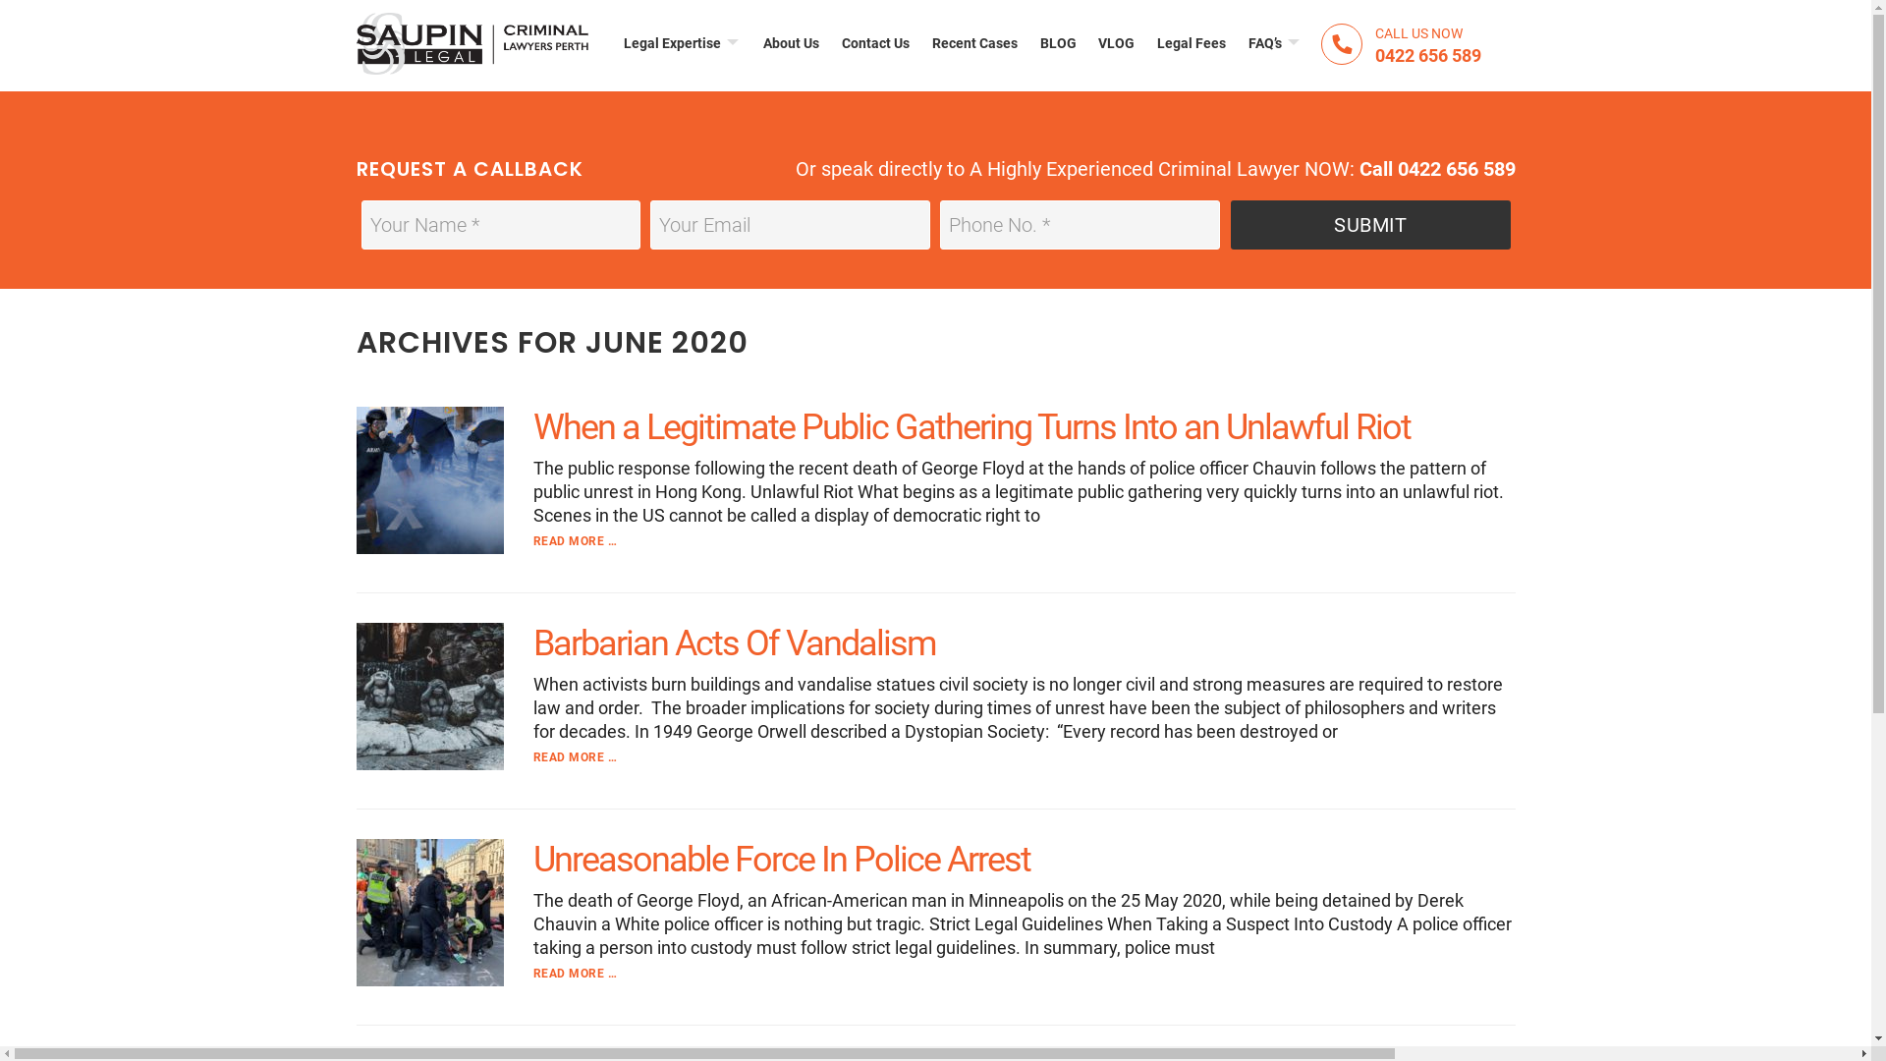 Image resolution: width=1886 pixels, height=1061 pixels. Describe the element at coordinates (1148, 42) in the screenshot. I see `'Legal Fees'` at that location.